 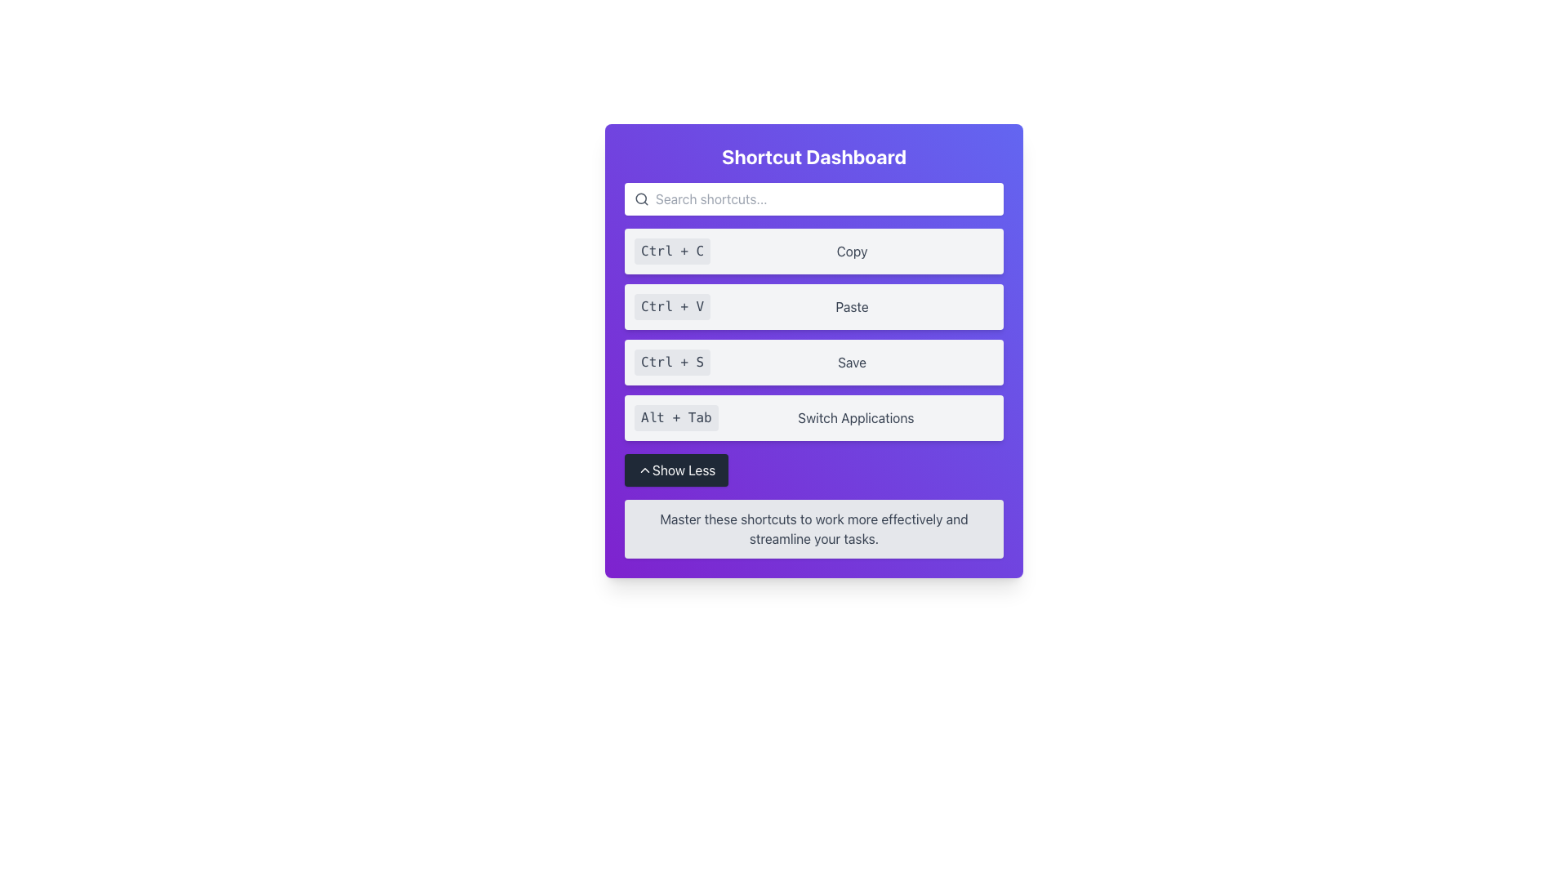 What do you see at coordinates (814, 157) in the screenshot?
I see `the 'Shortcut Dashboard' text label, which is styled with a bold, larger font size and positioned at the top of a purple gradient box` at bounding box center [814, 157].